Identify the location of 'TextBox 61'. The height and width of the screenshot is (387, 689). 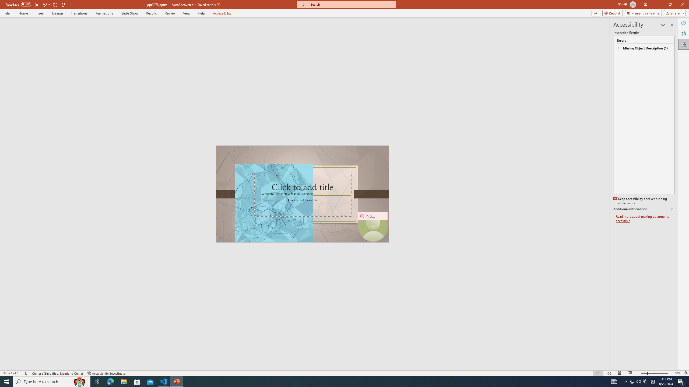
(302, 194).